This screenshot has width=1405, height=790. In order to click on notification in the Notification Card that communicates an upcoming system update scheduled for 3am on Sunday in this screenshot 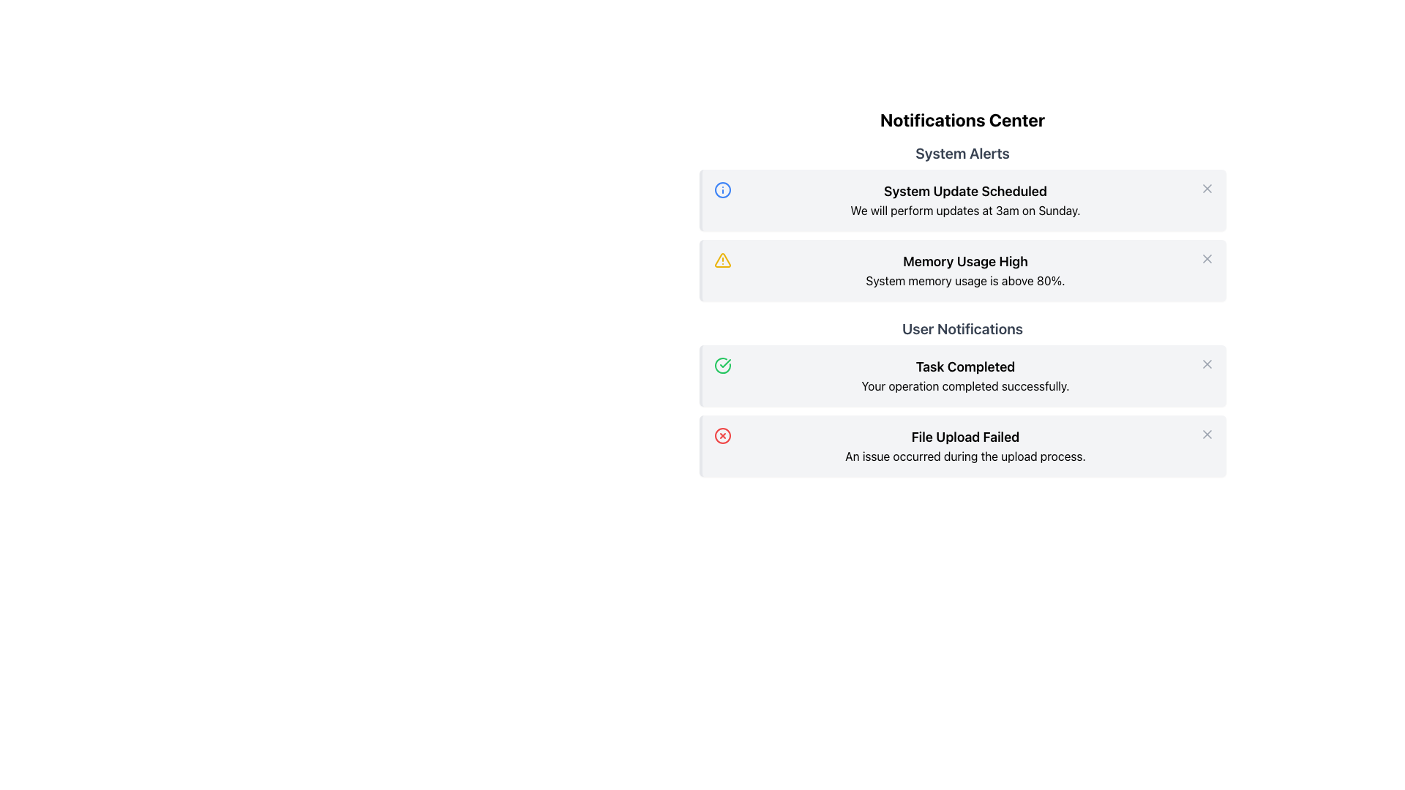, I will do `click(962, 200)`.